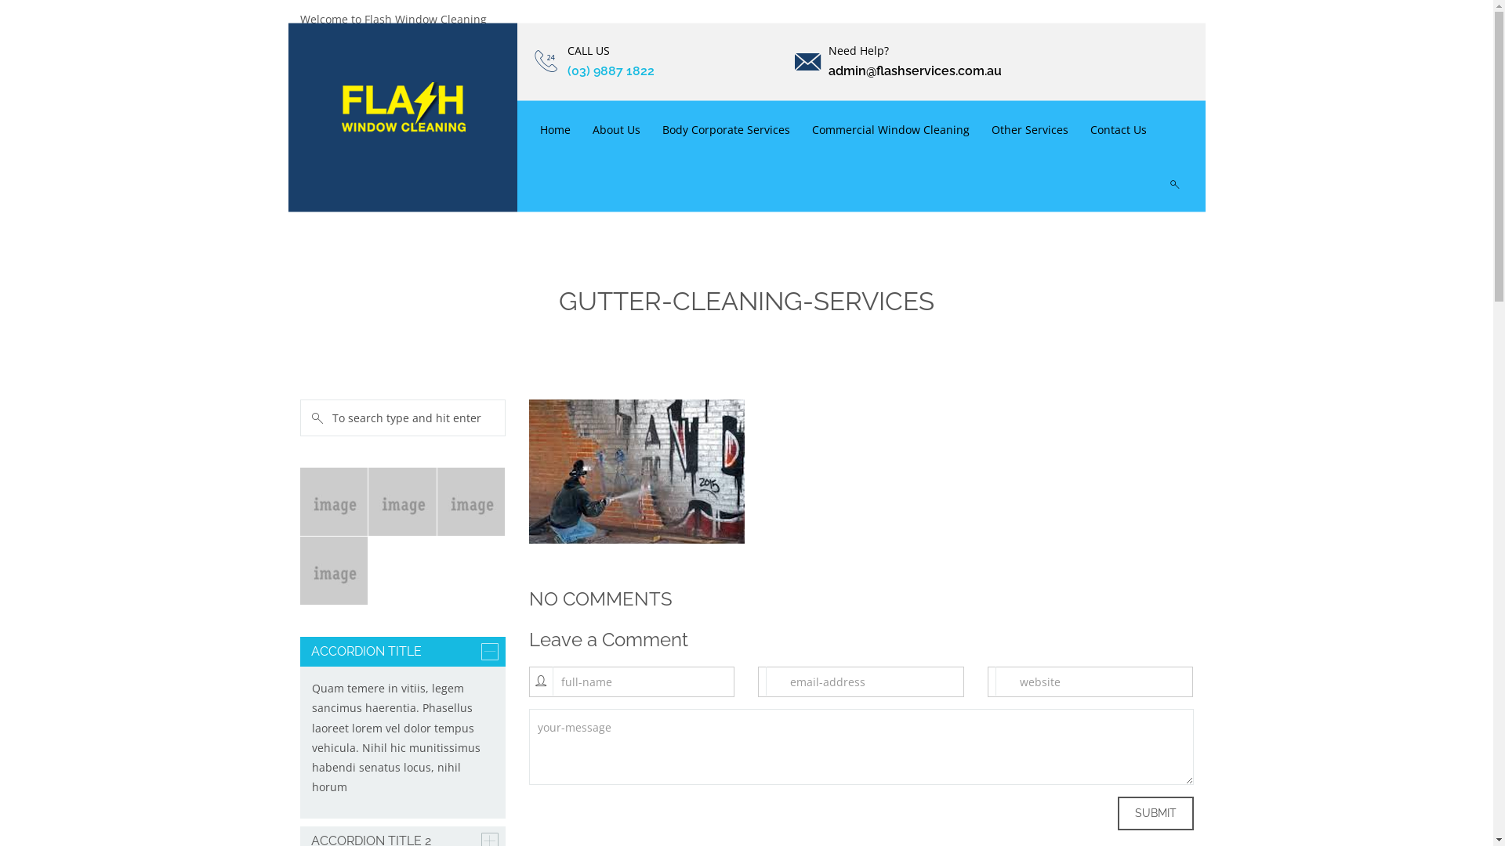 This screenshot has width=1505, height=846. What do you see at coordinates (1030, 128) in the screenshot?
I see `'Other Services'` at bounding box center [1030, 128].